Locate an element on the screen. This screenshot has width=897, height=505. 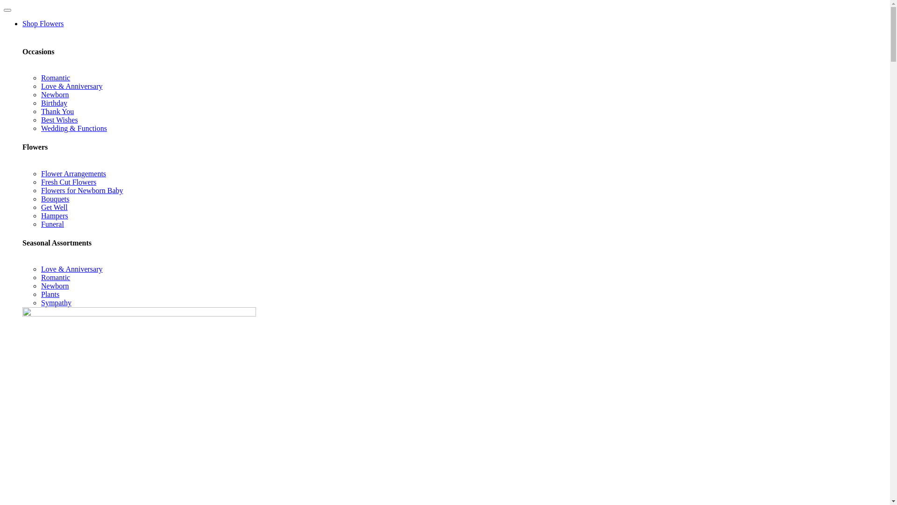
'Fresh Cut Flowers' is located at coordinates (68, 182).